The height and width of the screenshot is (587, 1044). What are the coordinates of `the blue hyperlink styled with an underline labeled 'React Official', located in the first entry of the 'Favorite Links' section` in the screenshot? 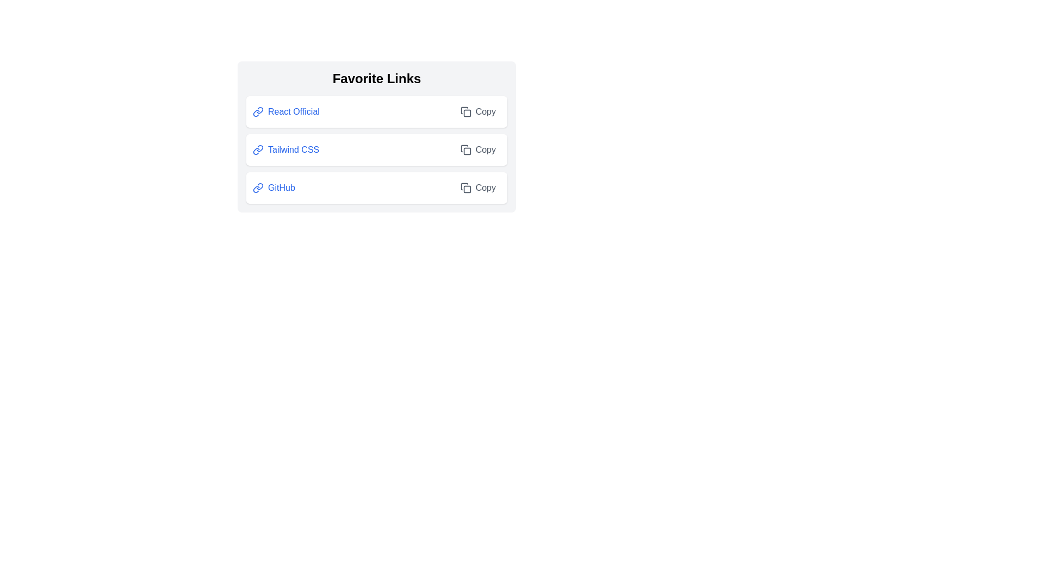 It's located at (286, 111).